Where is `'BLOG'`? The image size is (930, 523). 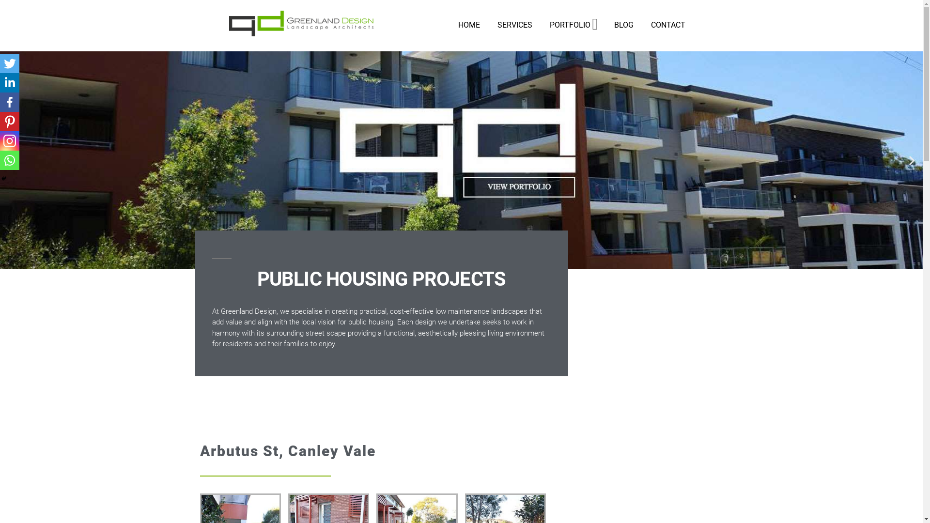 'BLOG' is located at coordinates (623, 25).